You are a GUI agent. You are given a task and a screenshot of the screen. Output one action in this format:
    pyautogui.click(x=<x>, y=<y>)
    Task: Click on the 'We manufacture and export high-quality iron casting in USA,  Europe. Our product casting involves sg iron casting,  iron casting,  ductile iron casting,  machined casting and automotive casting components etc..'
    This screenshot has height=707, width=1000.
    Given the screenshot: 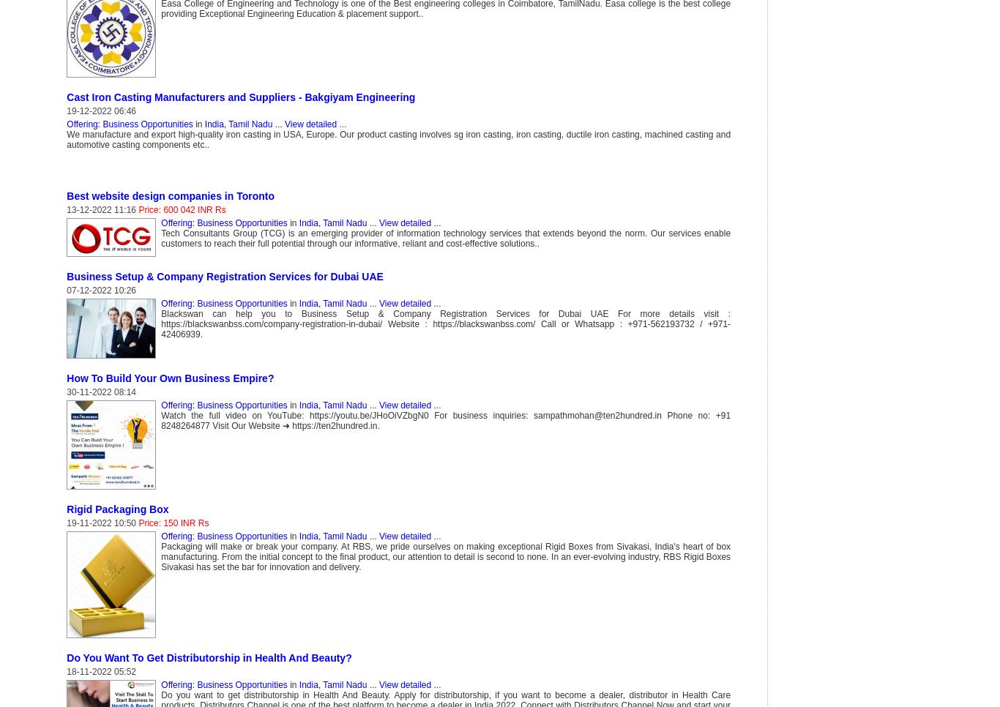 What is the action you would take?
    pyautogui.click(x=398, y=139)
    